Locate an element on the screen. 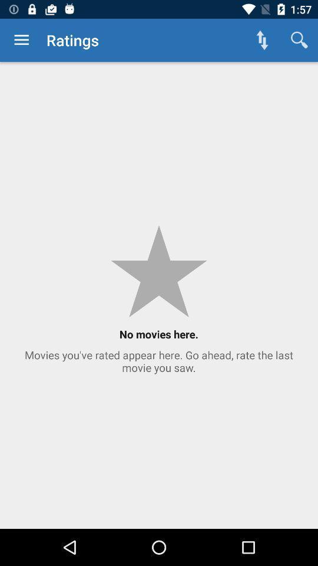  the item above movies you ve item is located at coordinates (21, 40).